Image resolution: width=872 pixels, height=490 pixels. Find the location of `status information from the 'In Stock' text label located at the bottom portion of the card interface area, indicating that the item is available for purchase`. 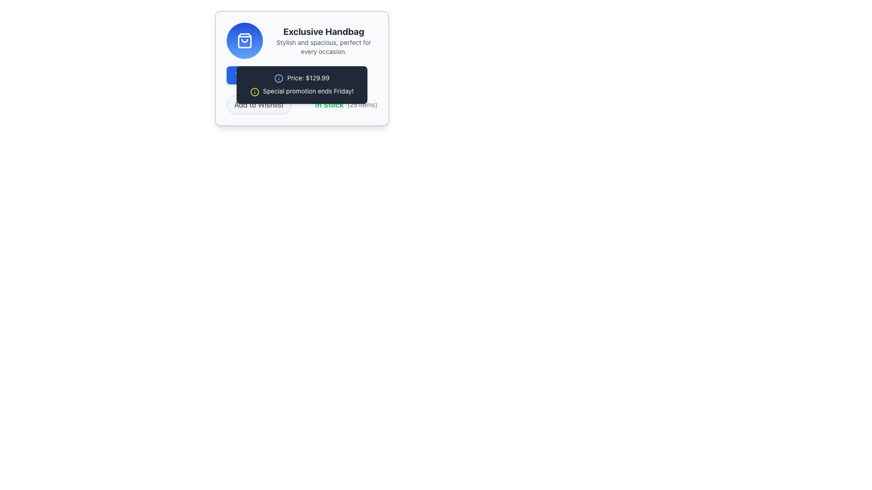

status information from the 'In Stock' text label located at the bottom portion of the card interface area, indicating that the item is available for purchase is located at coordinates (329, 104).